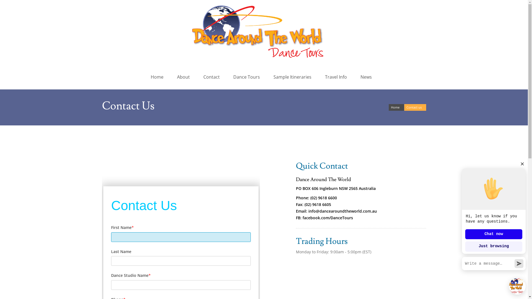  What do you see at coordinates (293, 77) in the screenshot?
I see `'Sample Itineraries'` at bounding box center [293, 77].